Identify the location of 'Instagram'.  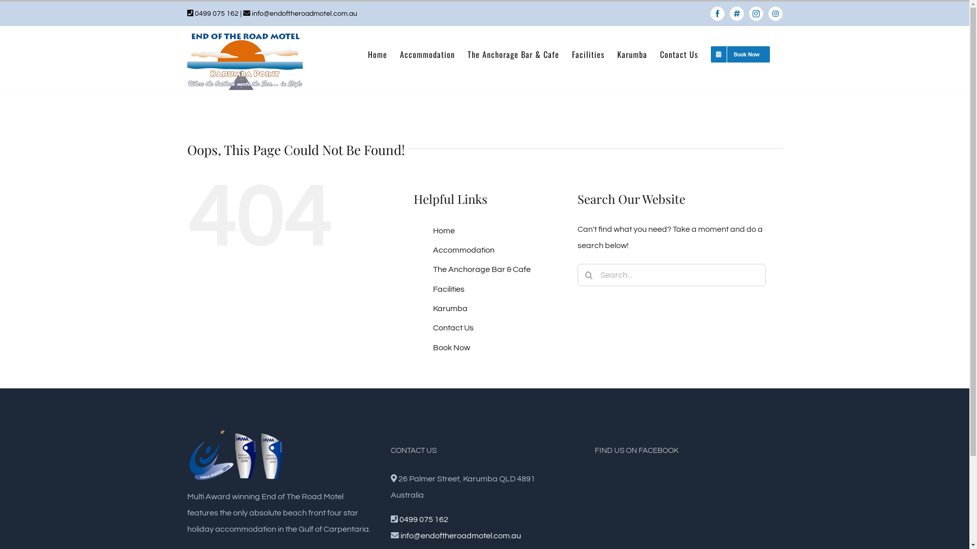
(756, 14).